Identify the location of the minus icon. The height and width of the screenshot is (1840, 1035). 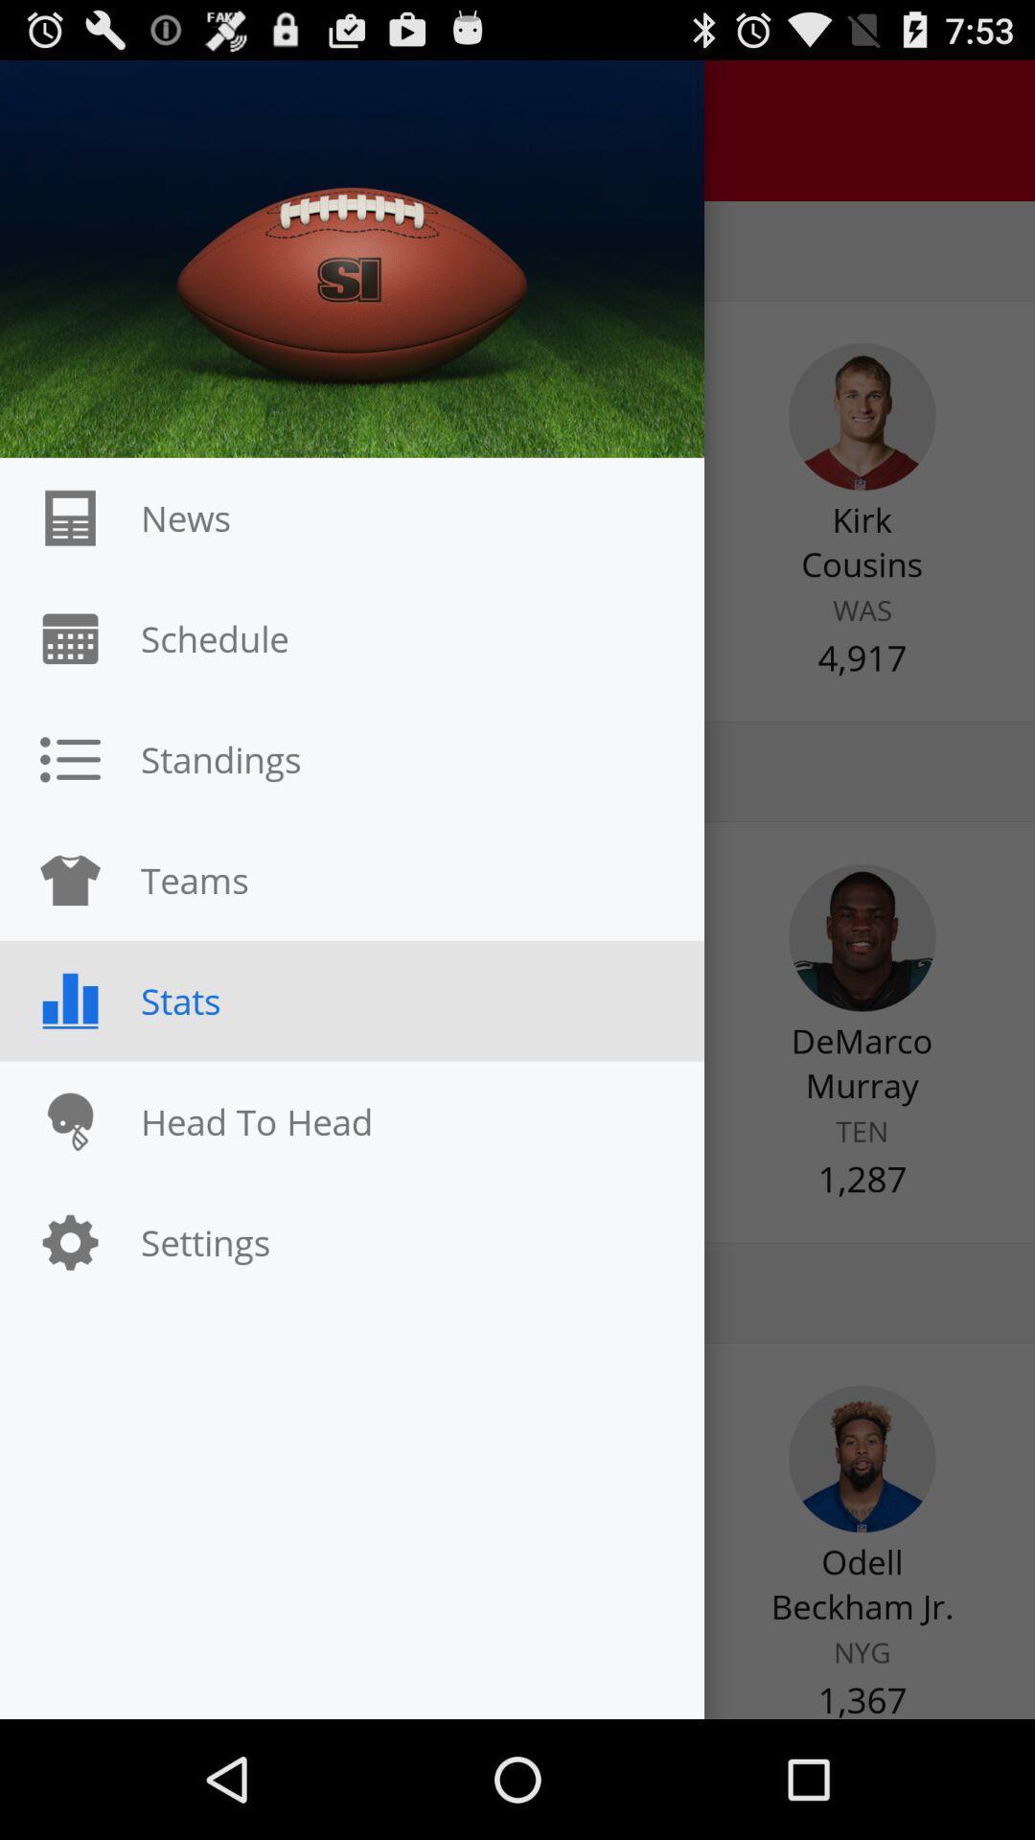
(517, 1002).